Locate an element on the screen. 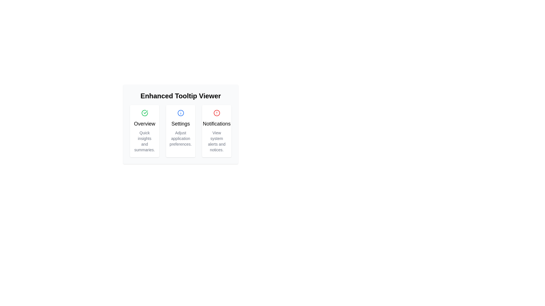 The image size is (545, 306). information from the 'Overview' Information card, which is the first card in a row of three boxes, featuring a green checkmark icon and the text 'Quick insights and summaries.' is located at coordinates (144, 131).